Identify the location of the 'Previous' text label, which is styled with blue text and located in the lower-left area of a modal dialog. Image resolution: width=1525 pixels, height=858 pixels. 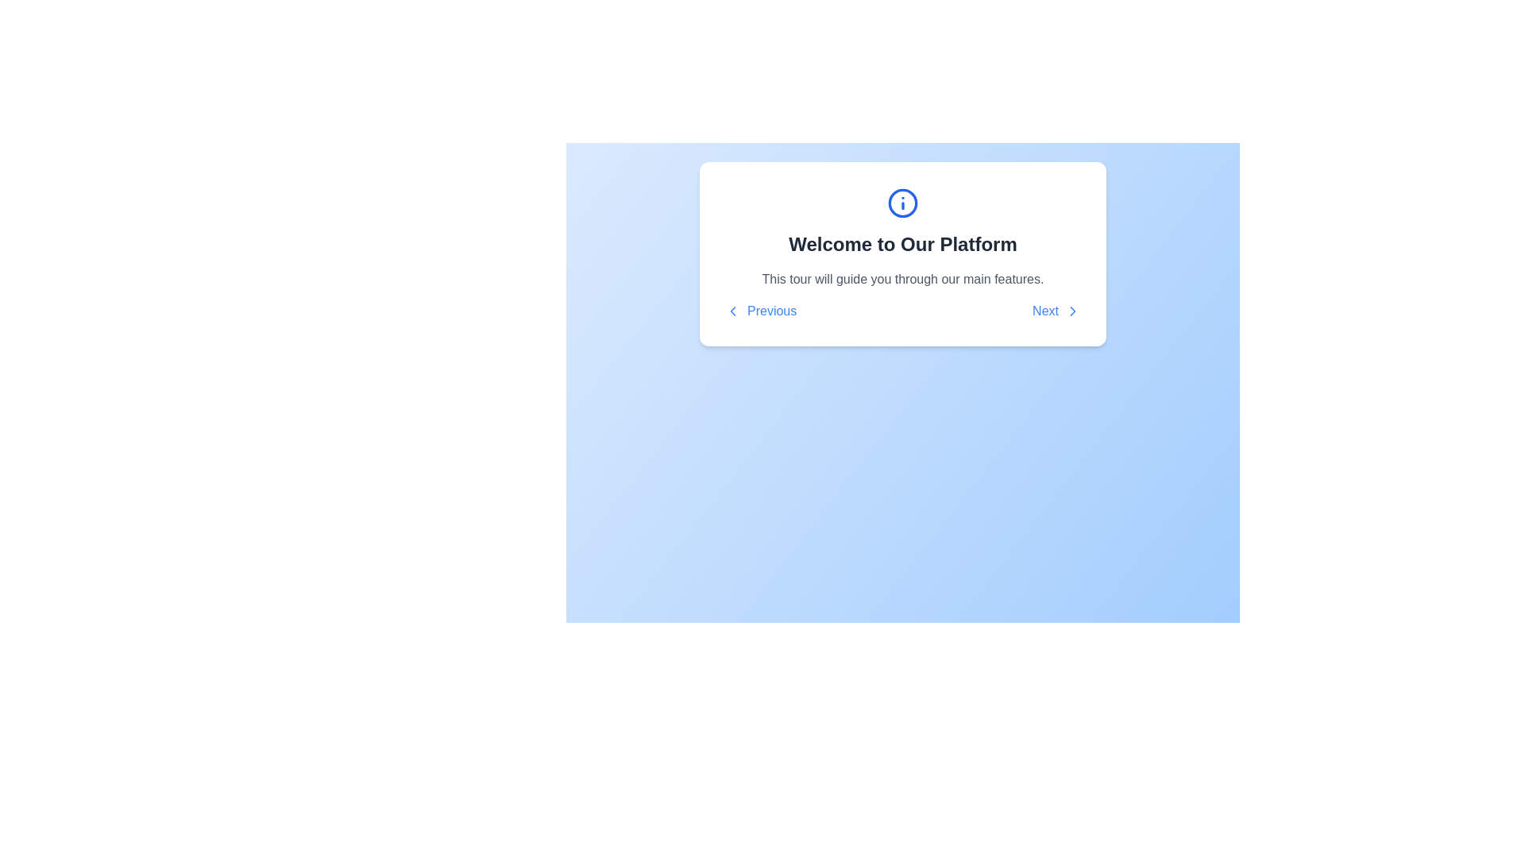
(772, 311).